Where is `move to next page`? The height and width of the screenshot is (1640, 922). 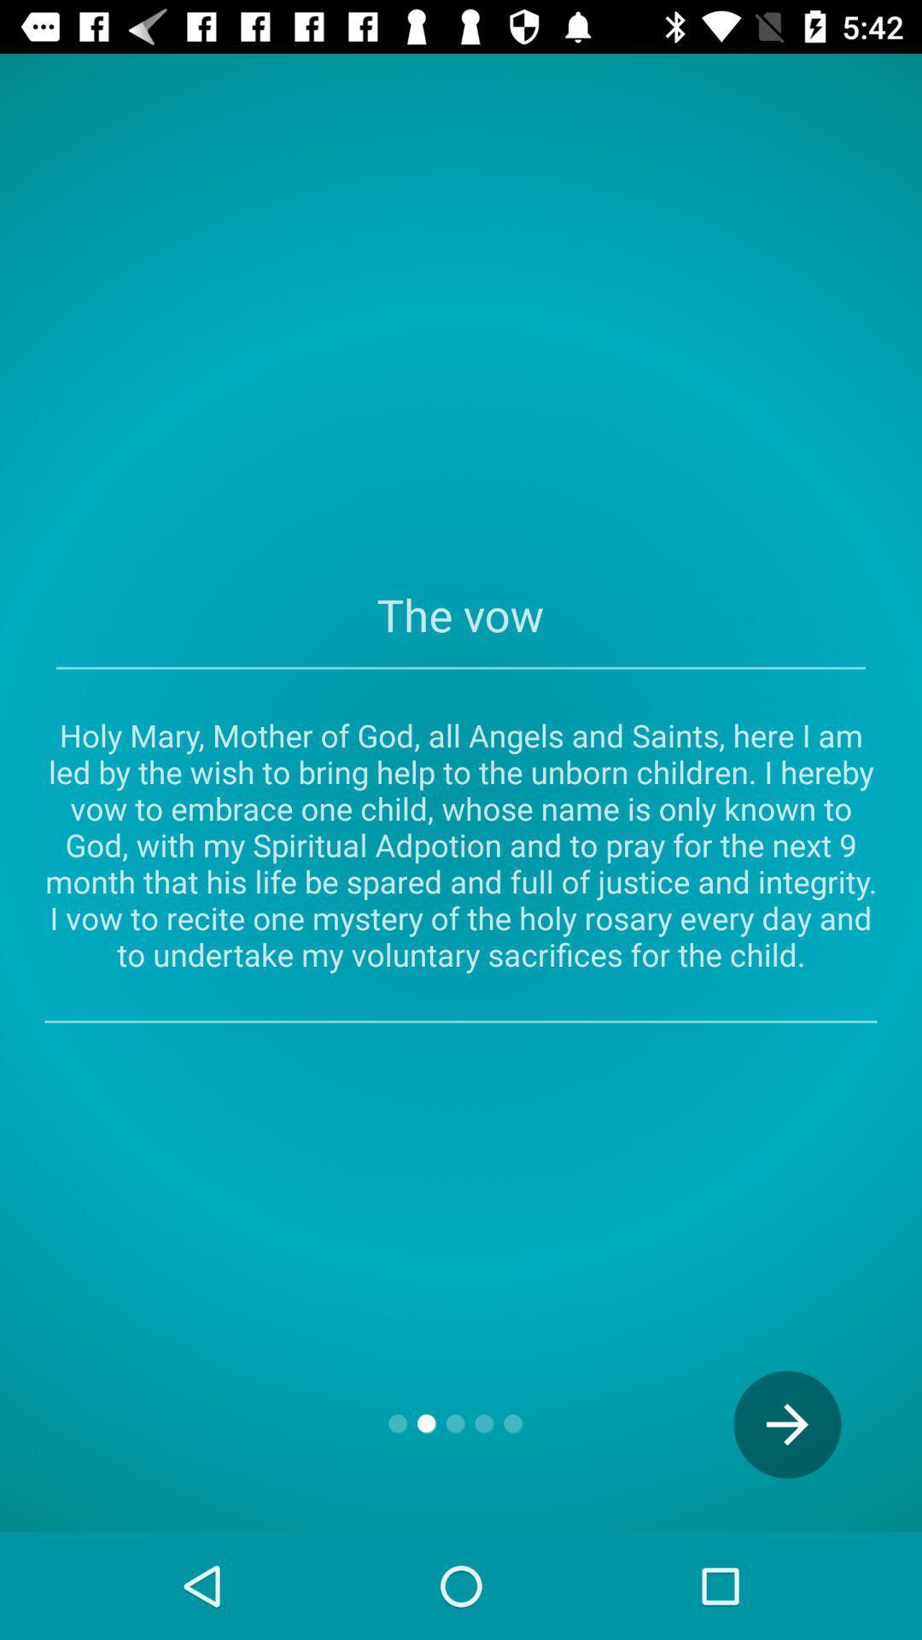
move to next page is located at coordinates (787, 1424).